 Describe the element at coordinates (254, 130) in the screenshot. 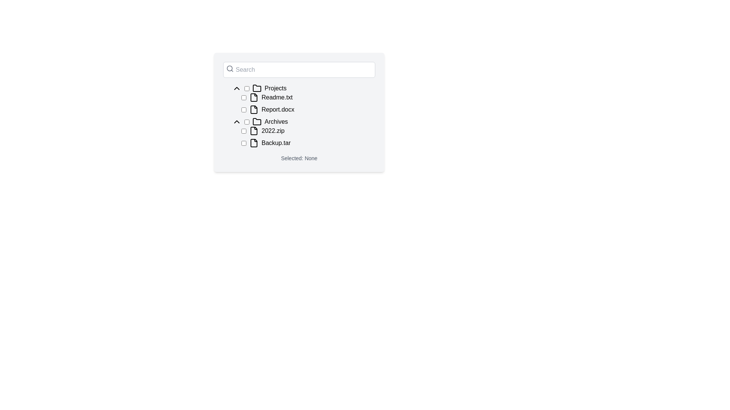

I see `the document icon with a minimalistic outlined design, positioned to the left of the text '2022.zip'` at that location.